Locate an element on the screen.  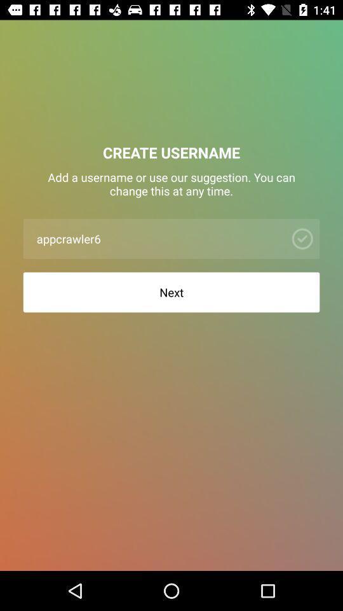
item above the next icon is located at coordinates (158, 238).